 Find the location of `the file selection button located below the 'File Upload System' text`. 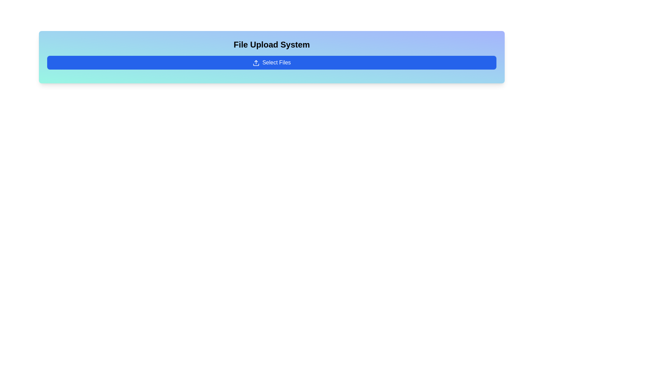

the file selection button located below the 'File Upload System' text is located at coordinates (271, 62).